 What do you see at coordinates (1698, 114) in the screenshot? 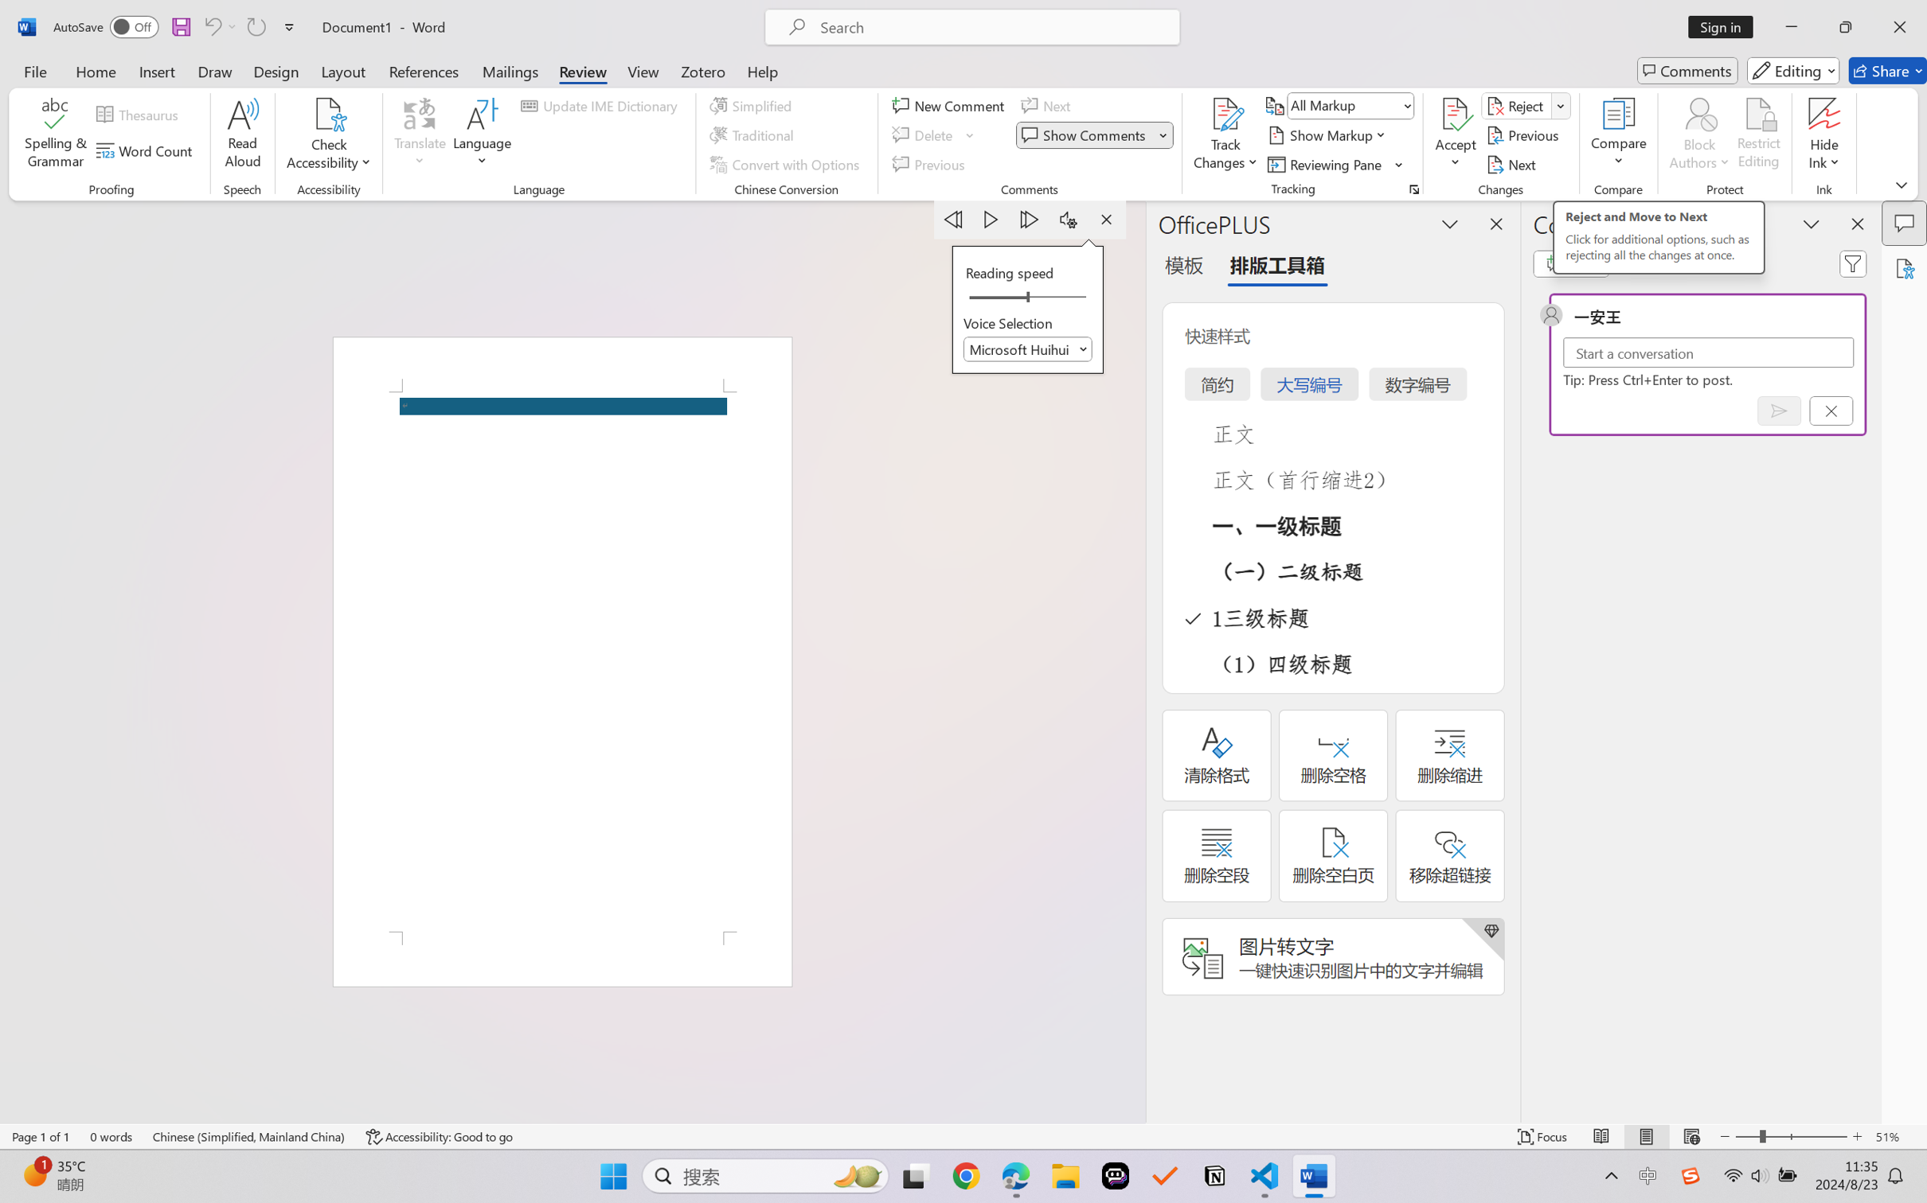
I see `'Block Authors'` at bounding box center [1698, 114].